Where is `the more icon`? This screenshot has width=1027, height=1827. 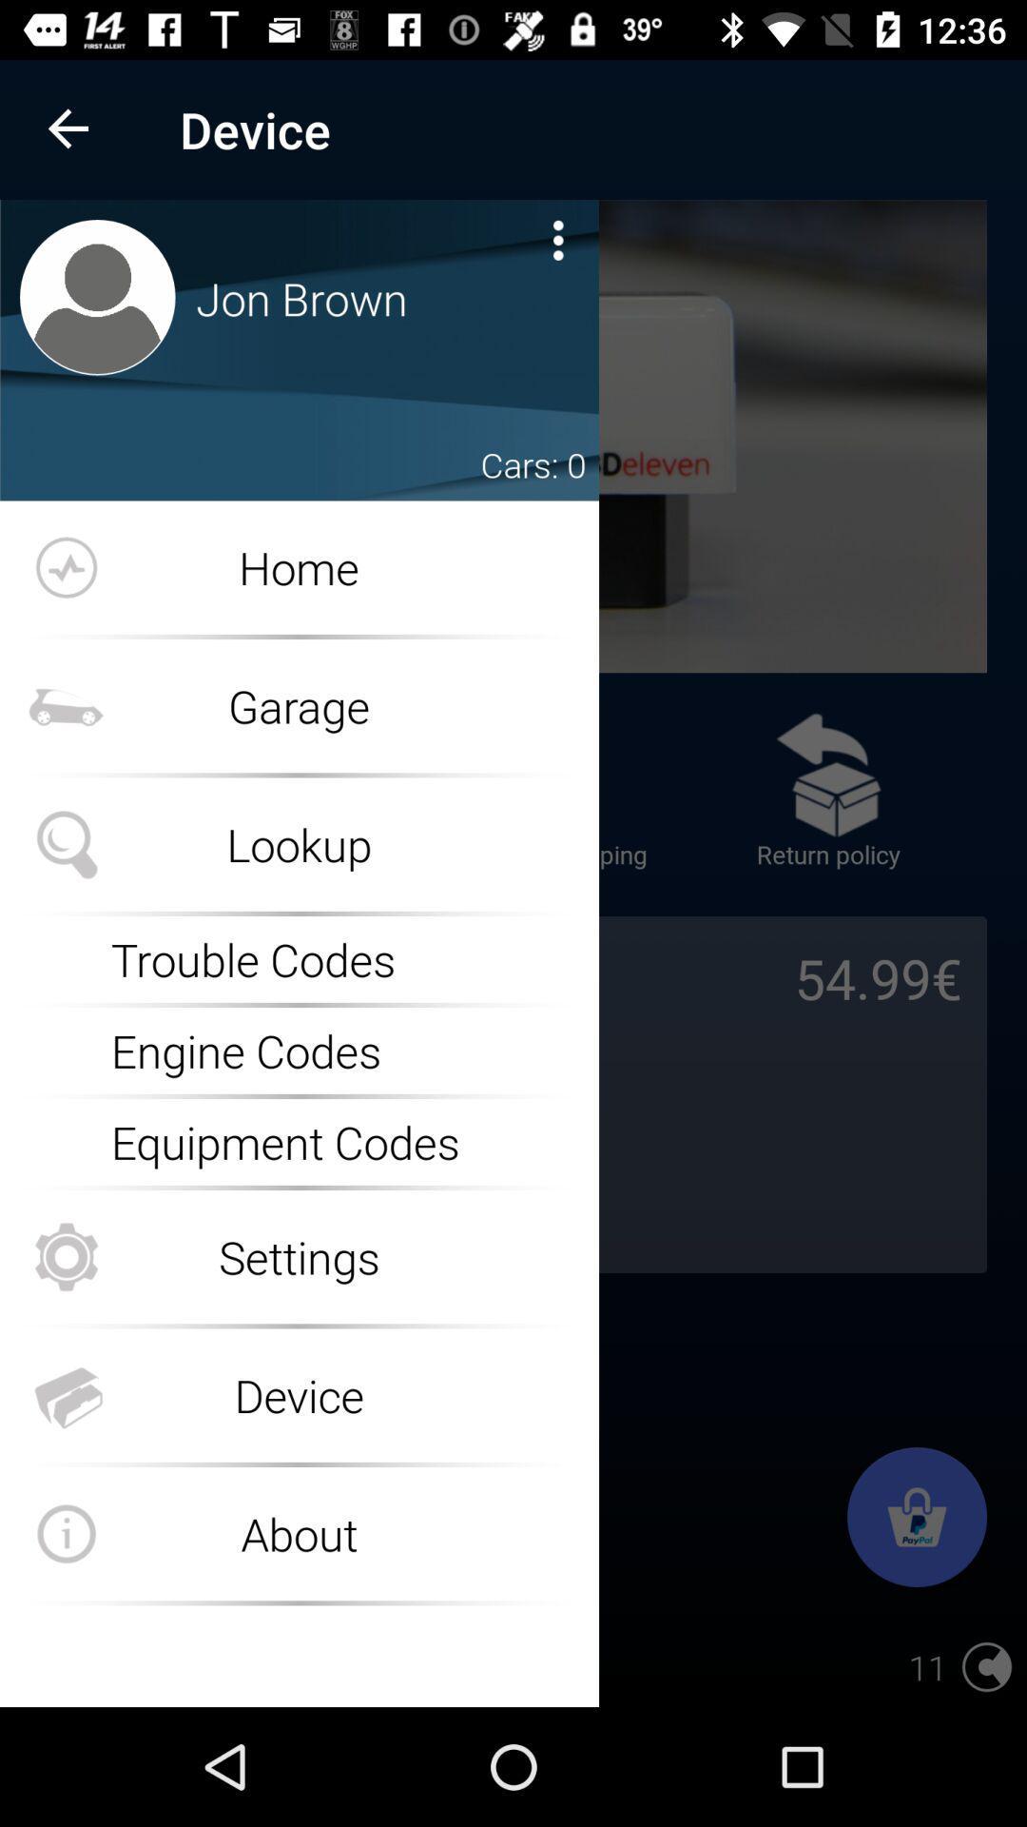 the more icon is located at coordinates (557, 239).